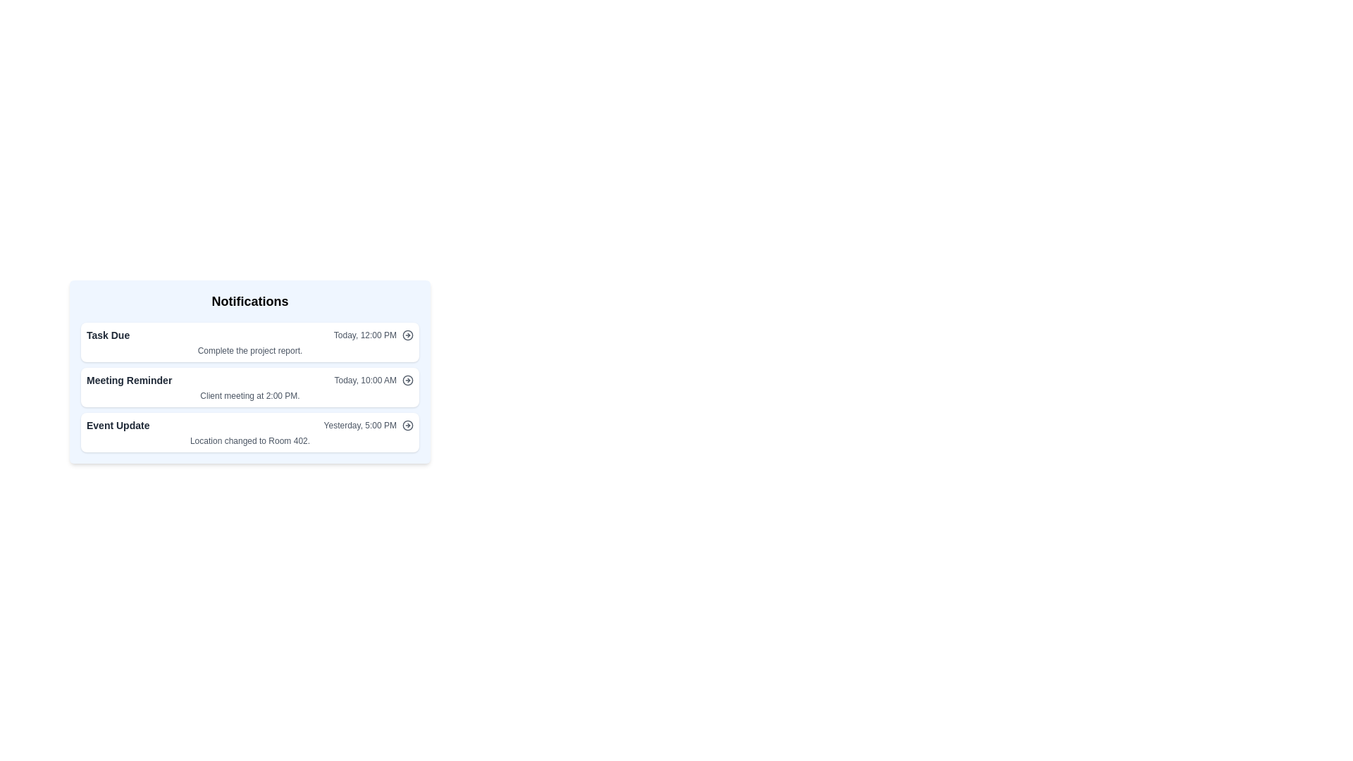 The width and height of the screenshot is (1353, 761). What do you see at coordinates (107, 335) in the screenshot?
I see `the 'Task Due' text label` at bounding box center [107, 335].